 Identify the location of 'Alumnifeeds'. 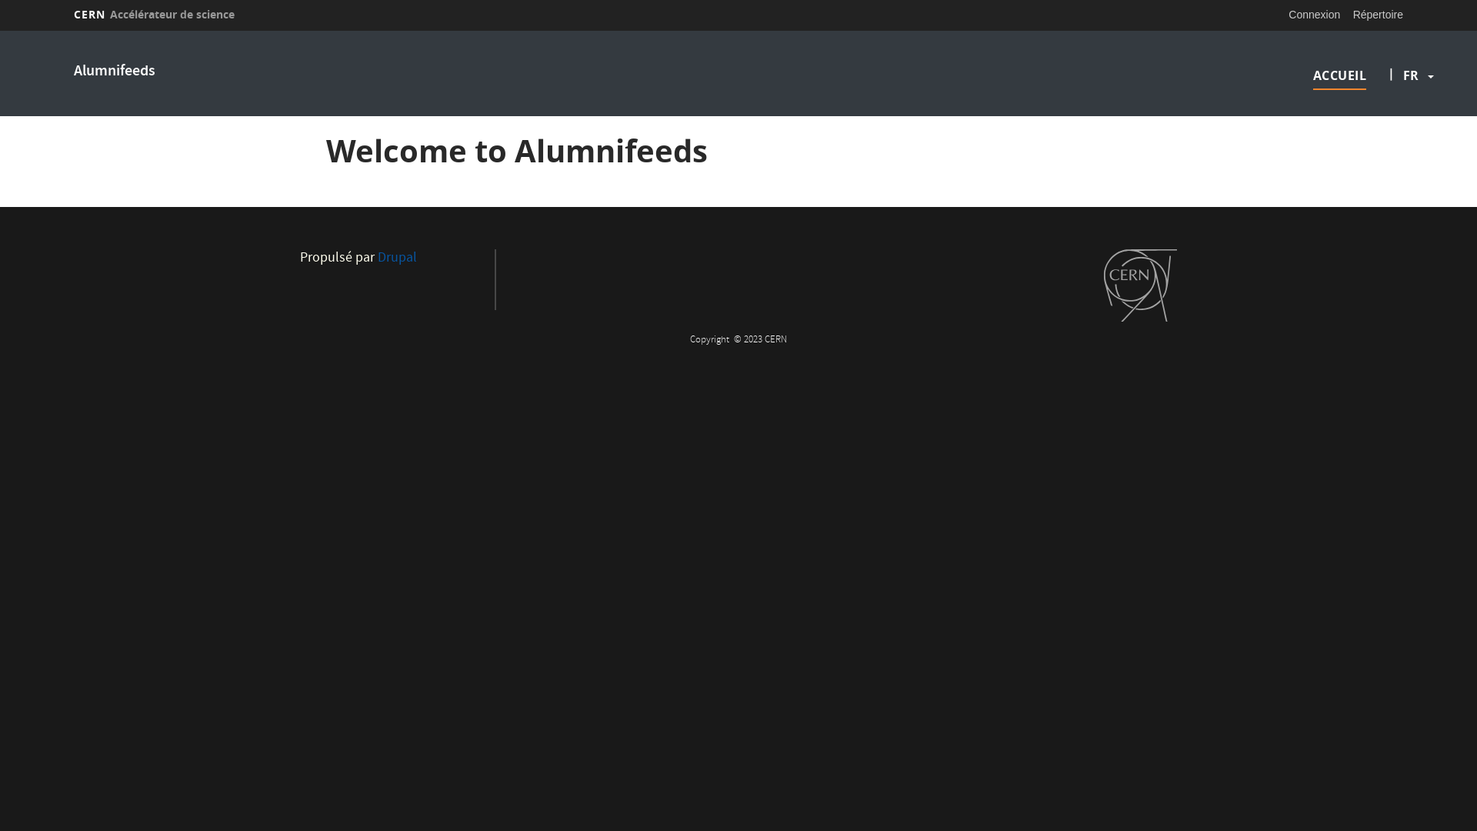
(113, 72).